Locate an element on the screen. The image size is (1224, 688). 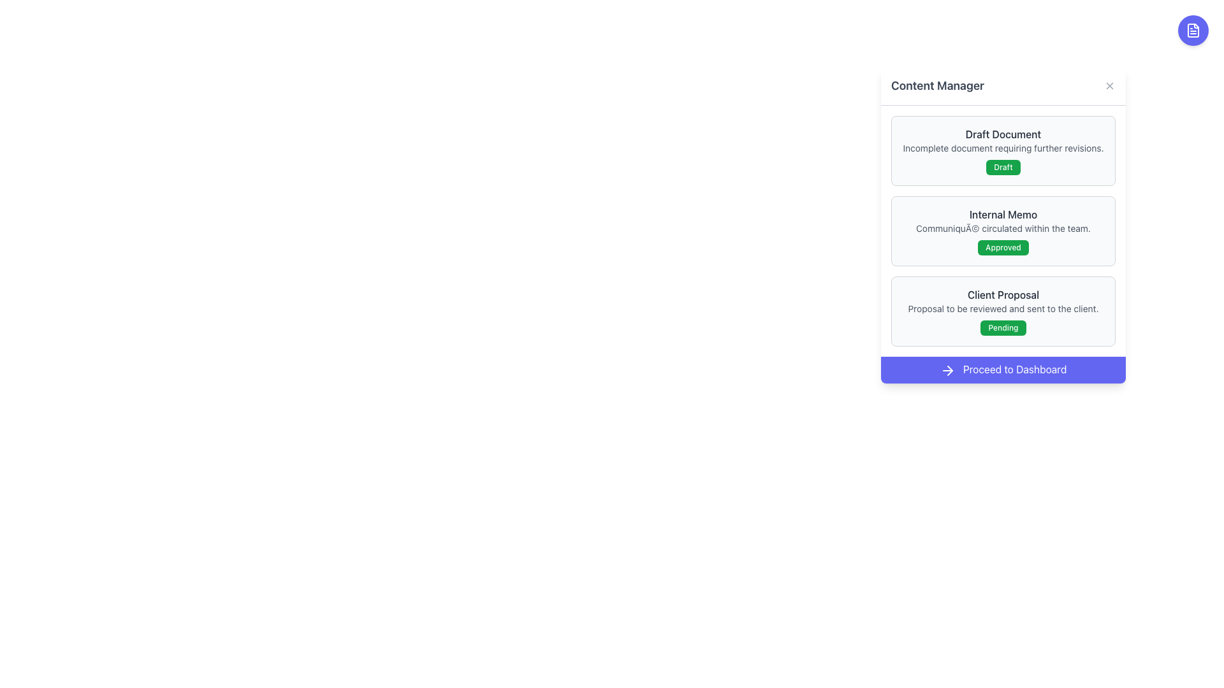
the close icon located in the top-right corner of the 'Content Manager' card is located at coordinates (1109, 86).